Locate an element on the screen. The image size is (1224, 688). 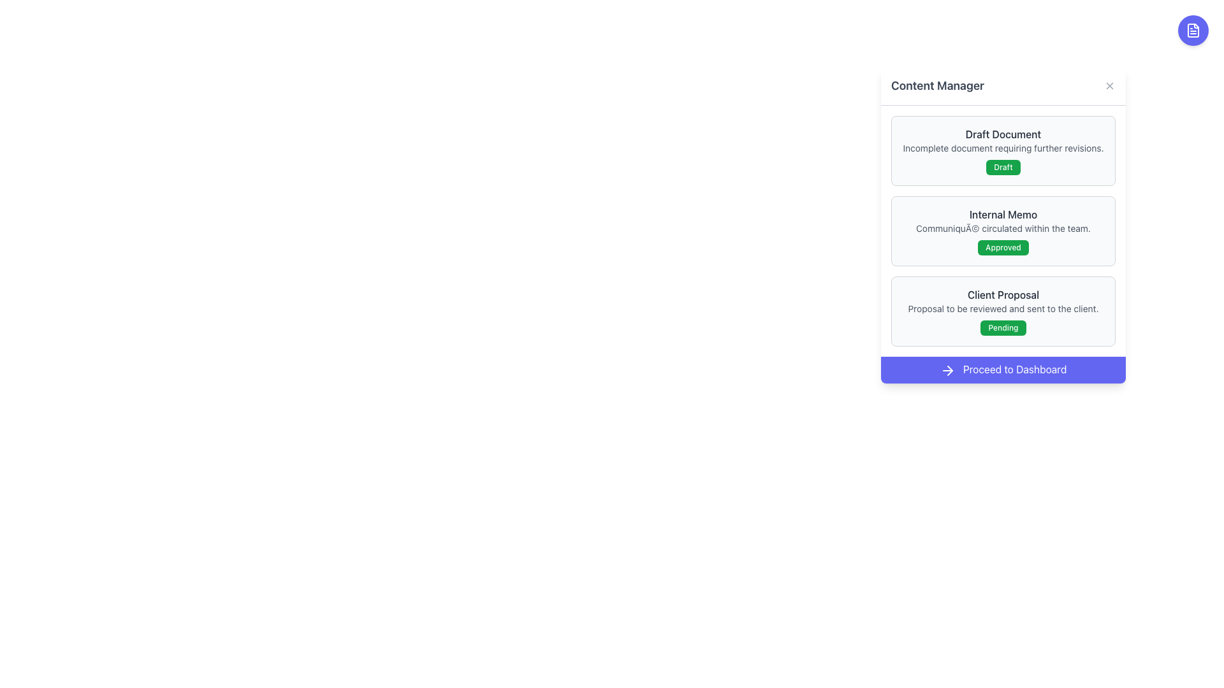
the close icon located in the top-right corner of the 'Content Manager' card is located at coordinates (1109, 86).